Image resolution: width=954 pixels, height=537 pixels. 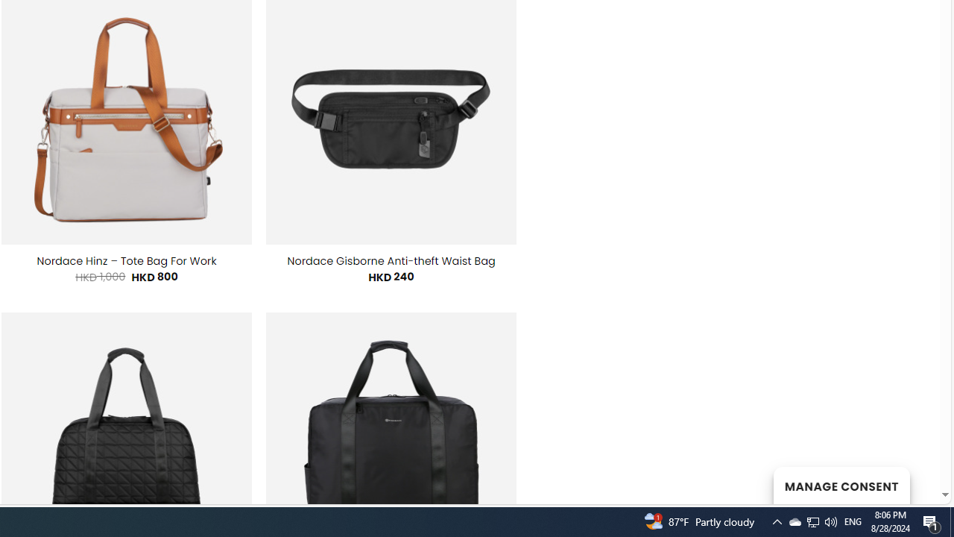 What do you see at coordinates (841, 485) in the screenshot?
I see `'MANAGE CONSENT'` at bounding box center [841, 485].